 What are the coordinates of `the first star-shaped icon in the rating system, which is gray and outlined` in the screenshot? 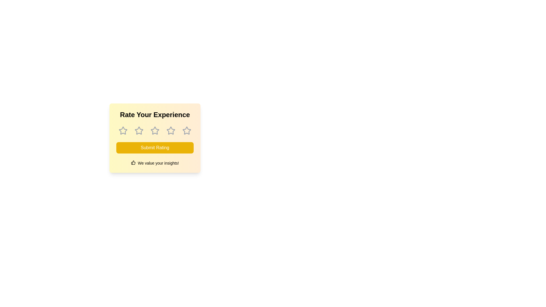 It's located at (123, 130).